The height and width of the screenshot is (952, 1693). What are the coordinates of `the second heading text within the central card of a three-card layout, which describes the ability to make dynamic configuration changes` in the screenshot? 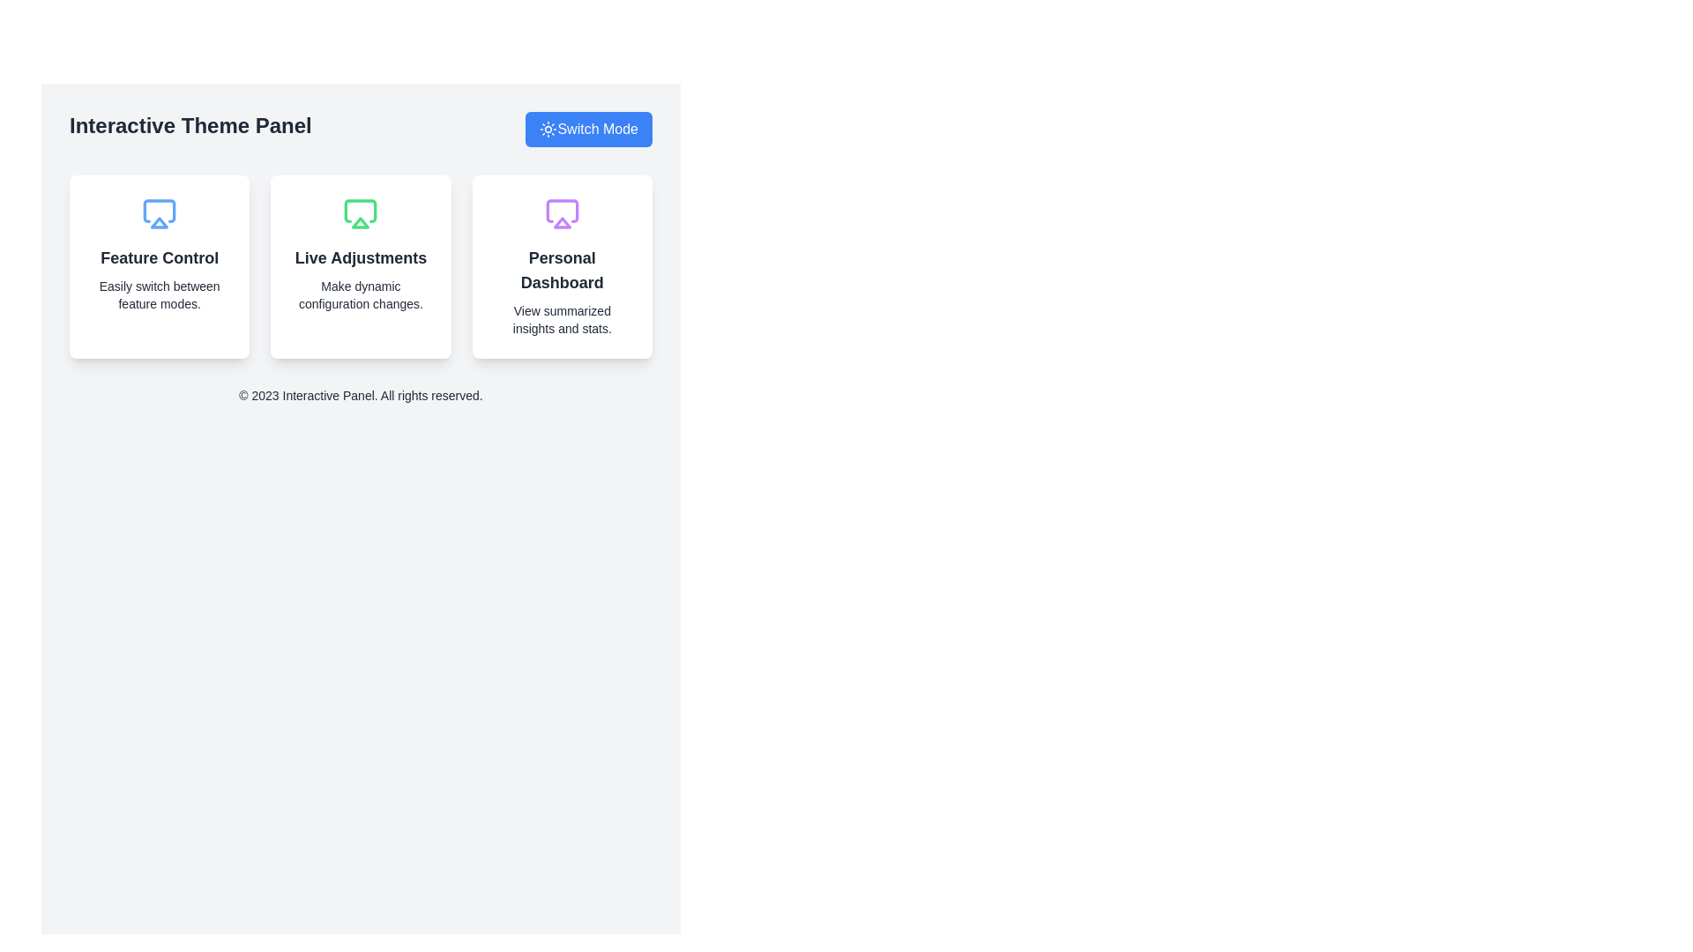 It's located at (360, 258).